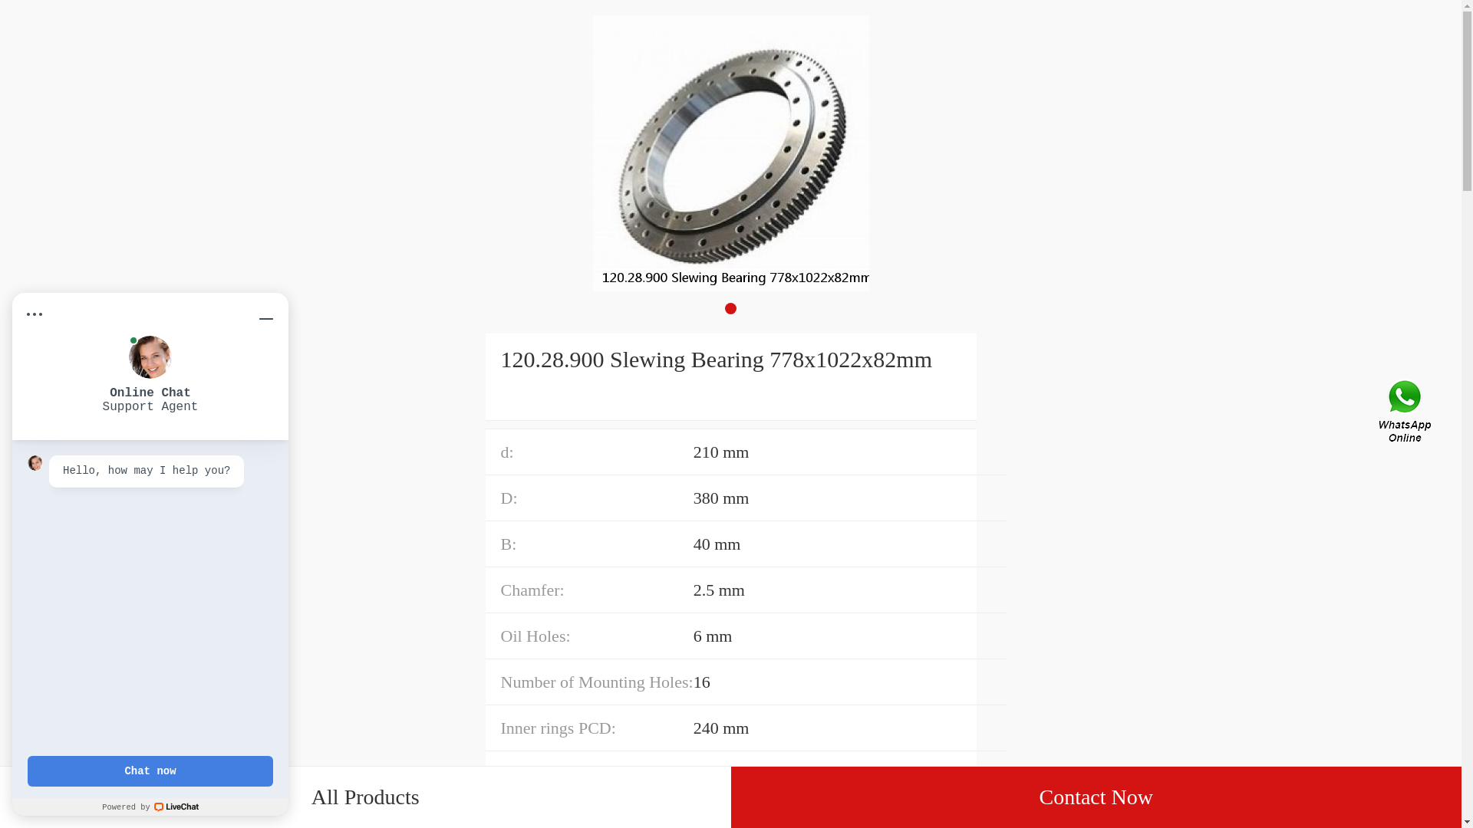 The height and width of the screenshot is (828, 1473). Describe the element at coordinates (1406, 414) in the screenshot. I see `'Contact Us'` at that location.